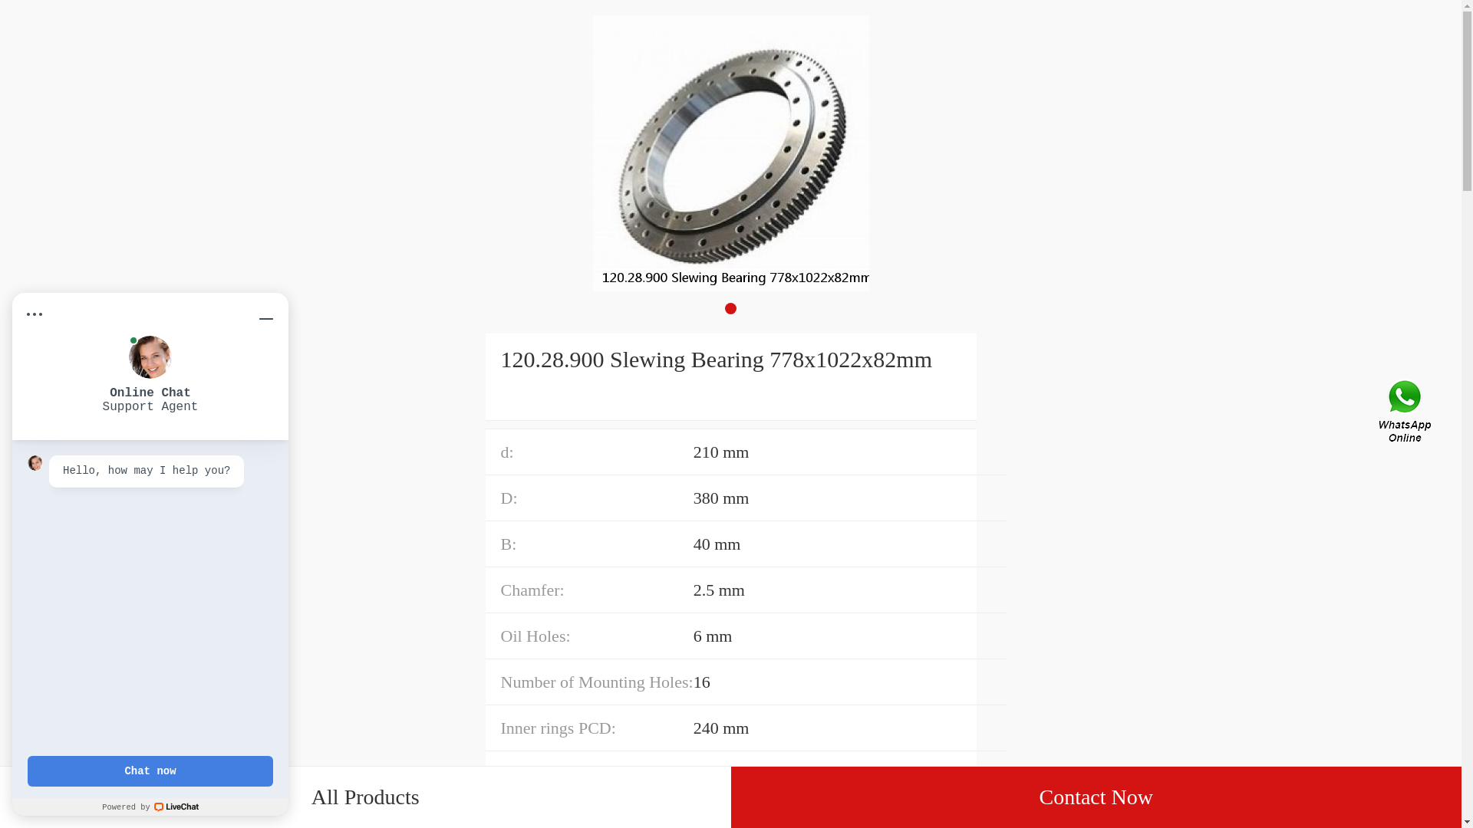 The height and width of the screenshot is (828, 1473). Describe the element at coordinates (1406, 414) in the screenshot. I see `'Contact Us'` at that location.